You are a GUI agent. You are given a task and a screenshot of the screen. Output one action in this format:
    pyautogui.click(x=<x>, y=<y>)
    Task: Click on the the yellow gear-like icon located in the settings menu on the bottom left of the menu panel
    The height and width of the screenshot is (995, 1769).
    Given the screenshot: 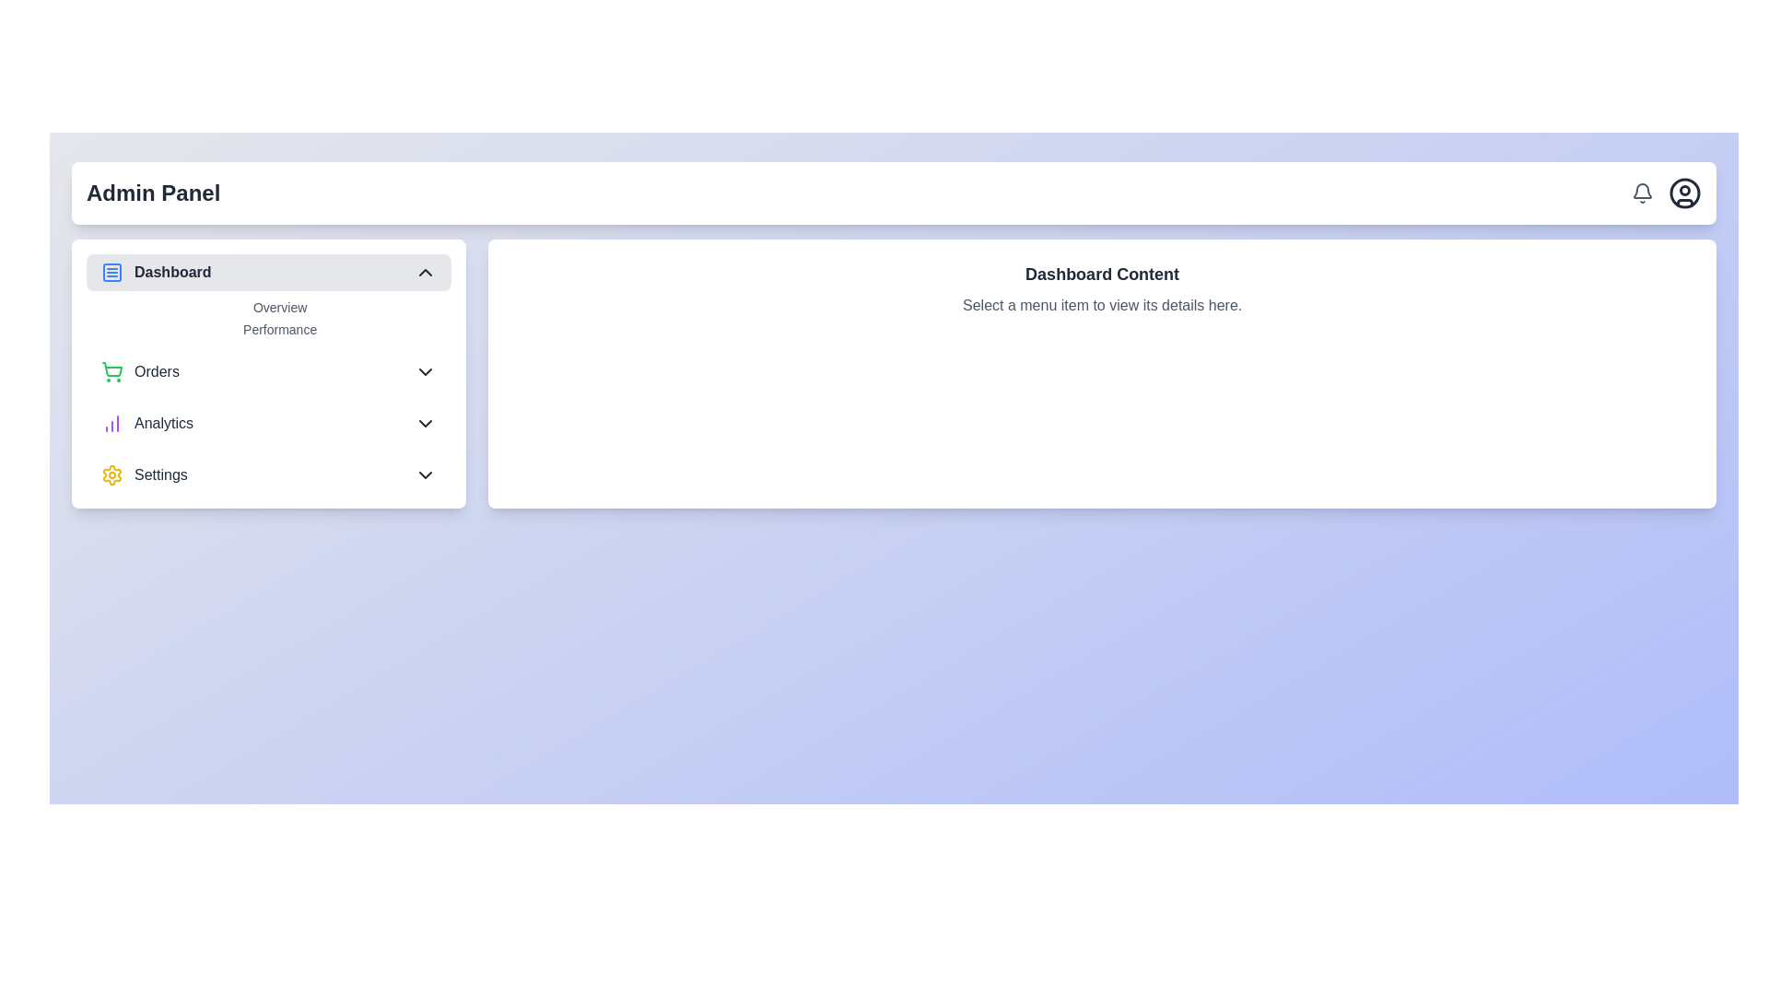 What is the action you would take?
    pyautogui.click(x=111, y=474)
    